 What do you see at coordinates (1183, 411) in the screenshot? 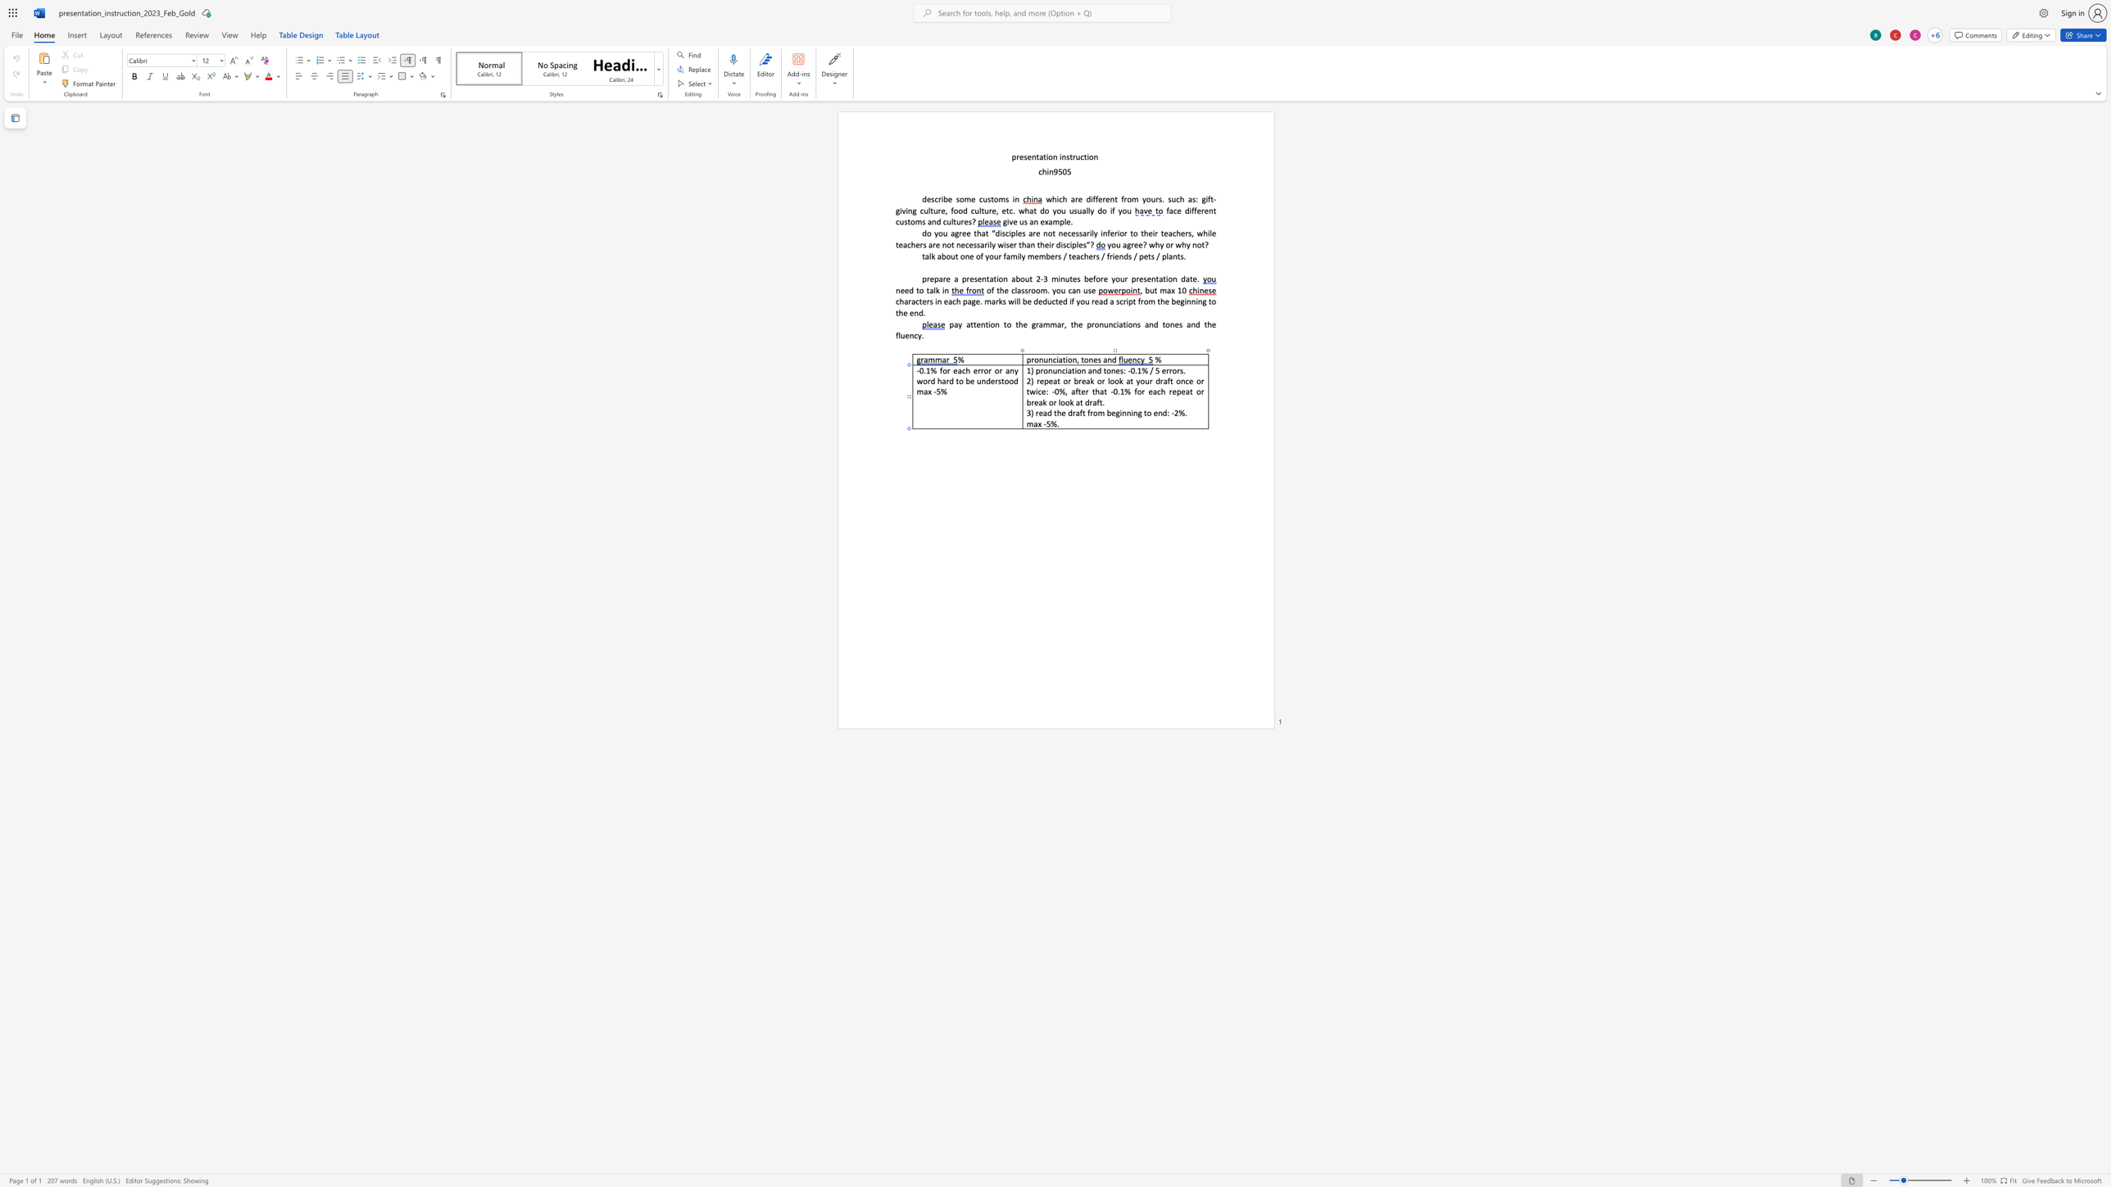
I see `the space between the continuous character "%" and "." in the text` at bounding box center [1183, 411].